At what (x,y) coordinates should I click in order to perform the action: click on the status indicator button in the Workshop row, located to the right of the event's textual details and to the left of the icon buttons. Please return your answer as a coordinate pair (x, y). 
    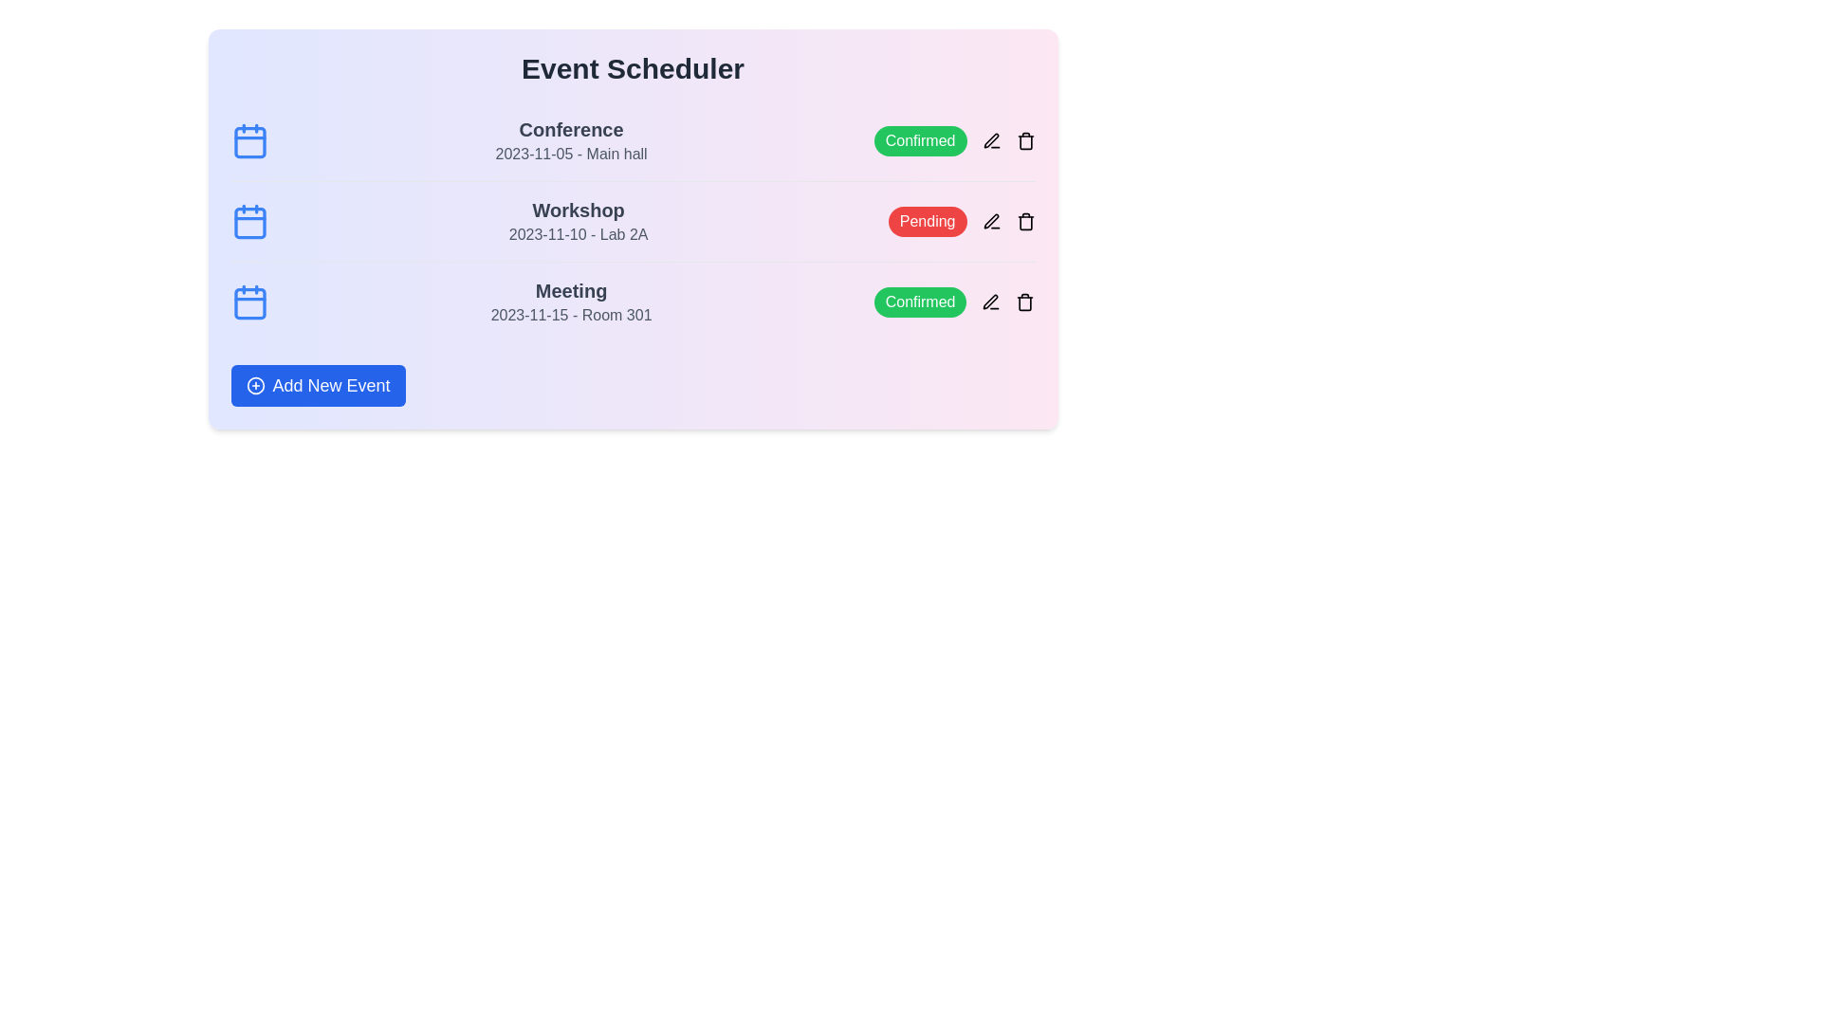
    Looking at the image, I should click on (928, 221).